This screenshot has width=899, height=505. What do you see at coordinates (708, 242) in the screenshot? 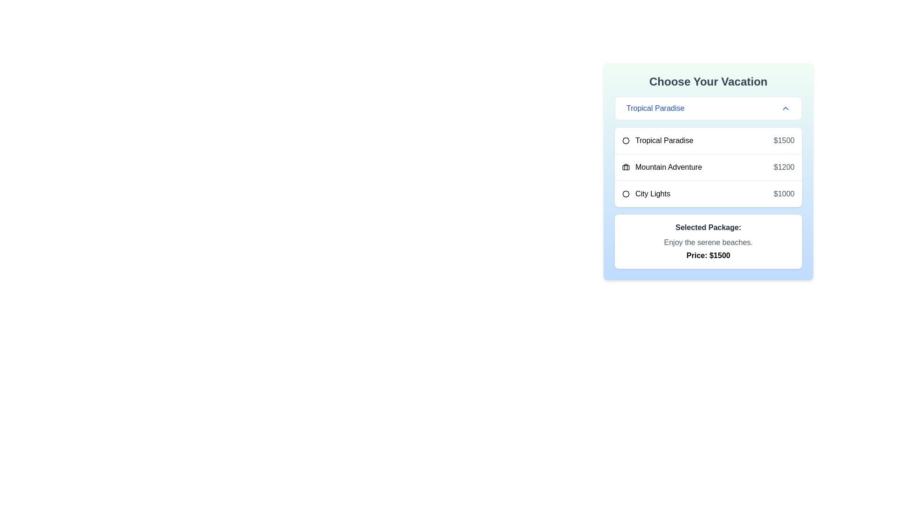
I see `the text block that displays 'Enjoy the serene beaches.' which is styled in gray and positioned between 'Selected Package:' and 'Price: $1500'` at bounding box center [708, 242].